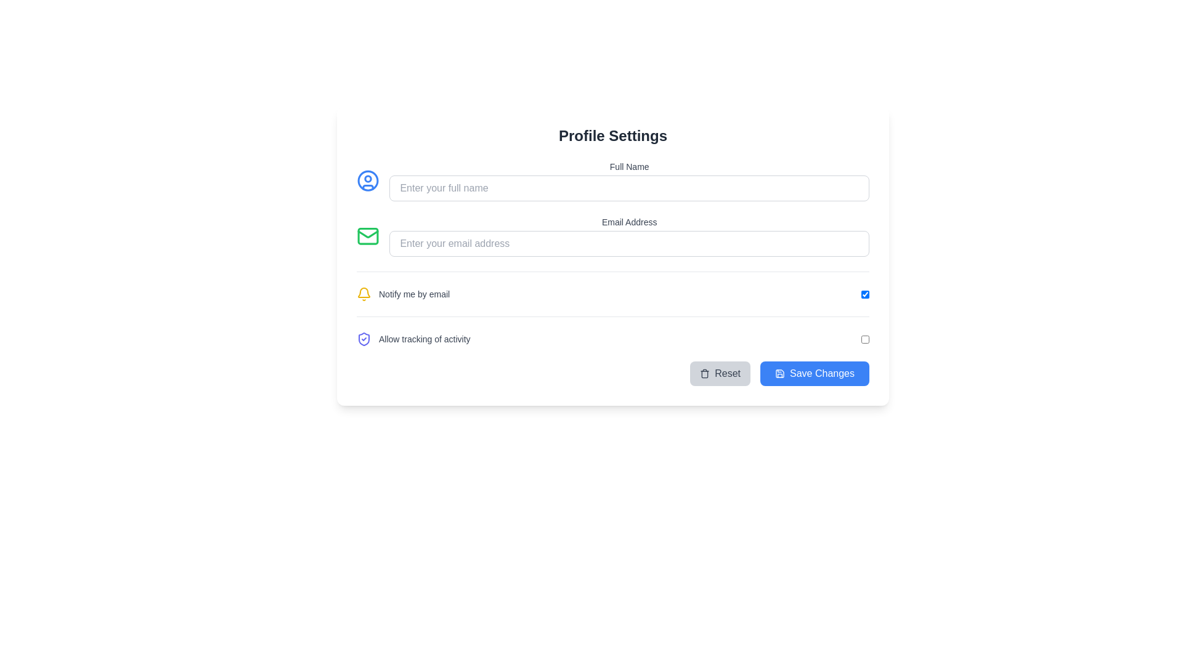 This screenshot has height=665, width=1183. What do you see at coordinates (425, 339) in the screenshot?
I see `the text label that describes the setting related to tracking activity, located on the right side of the row with a shield icon, below the 'Notify me by email' option in the profile settings` at bounding box center [425, 339].